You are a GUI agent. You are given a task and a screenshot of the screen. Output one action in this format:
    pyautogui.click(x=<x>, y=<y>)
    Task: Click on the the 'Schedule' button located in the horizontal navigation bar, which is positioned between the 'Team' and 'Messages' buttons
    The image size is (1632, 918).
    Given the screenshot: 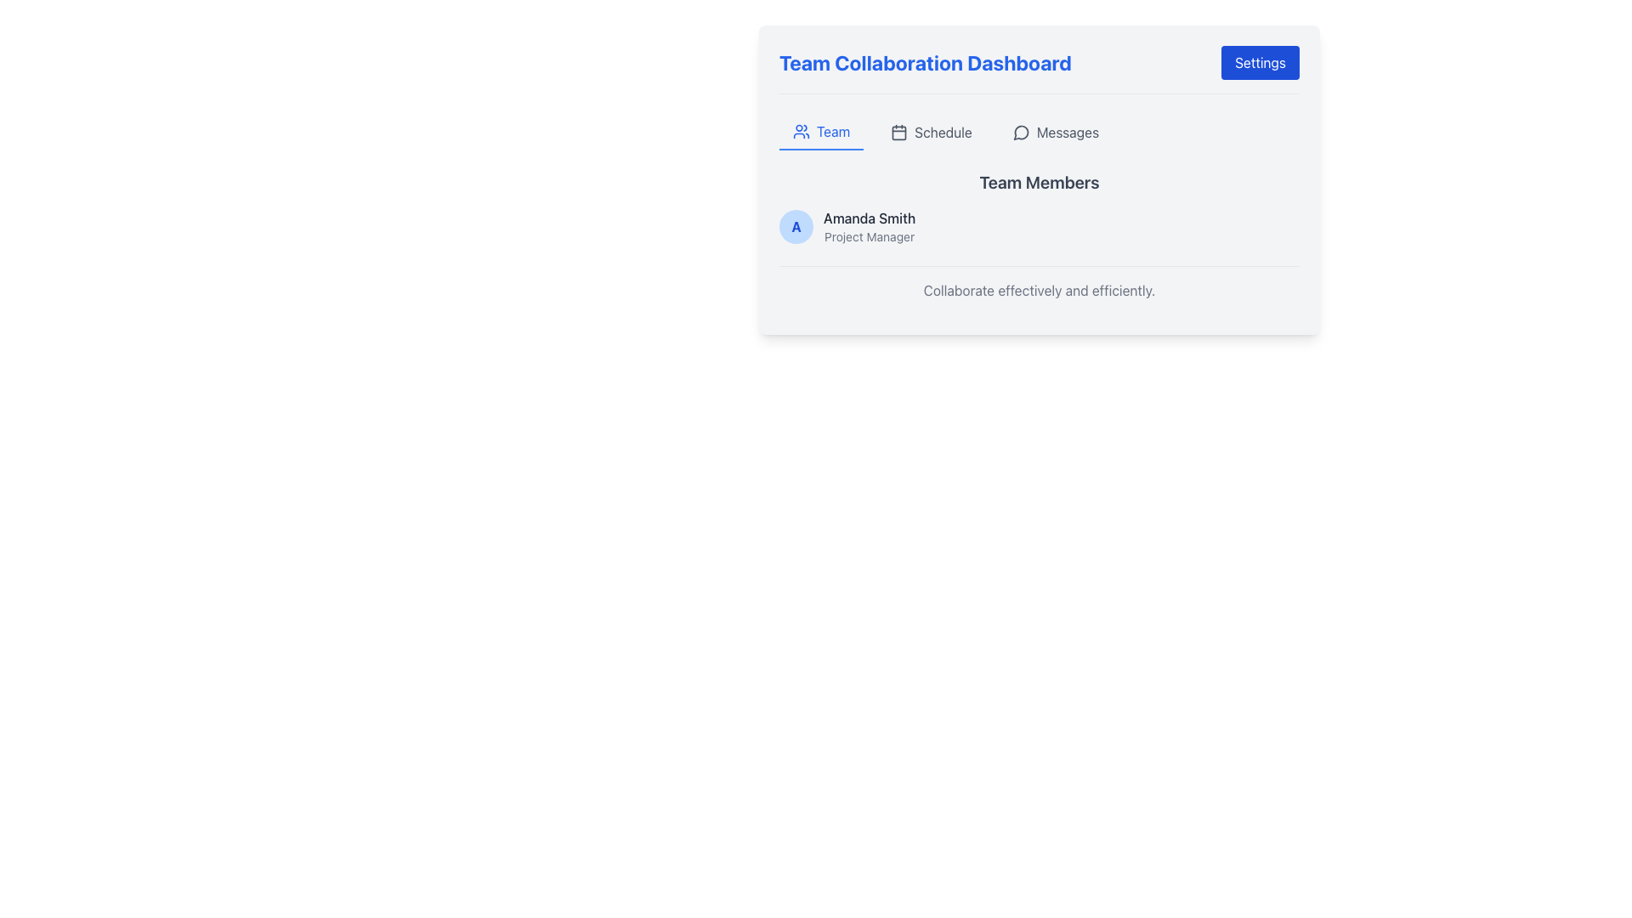 What is the action you would take?
    pyautogui.click(x=930, y=131)
    